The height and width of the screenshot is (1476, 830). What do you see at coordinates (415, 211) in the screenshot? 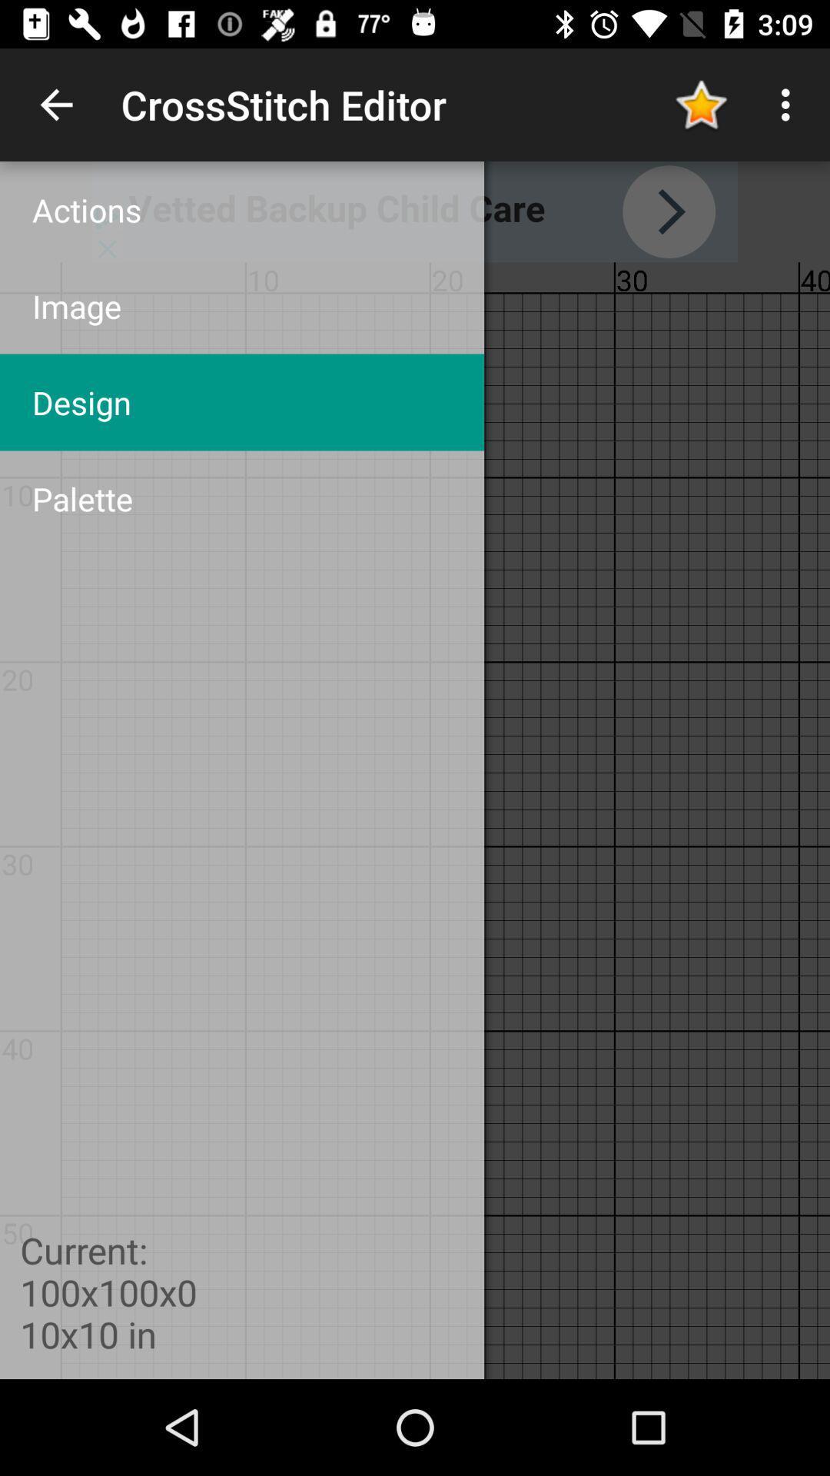
I see `to see more` at bounding box center [415, 211].